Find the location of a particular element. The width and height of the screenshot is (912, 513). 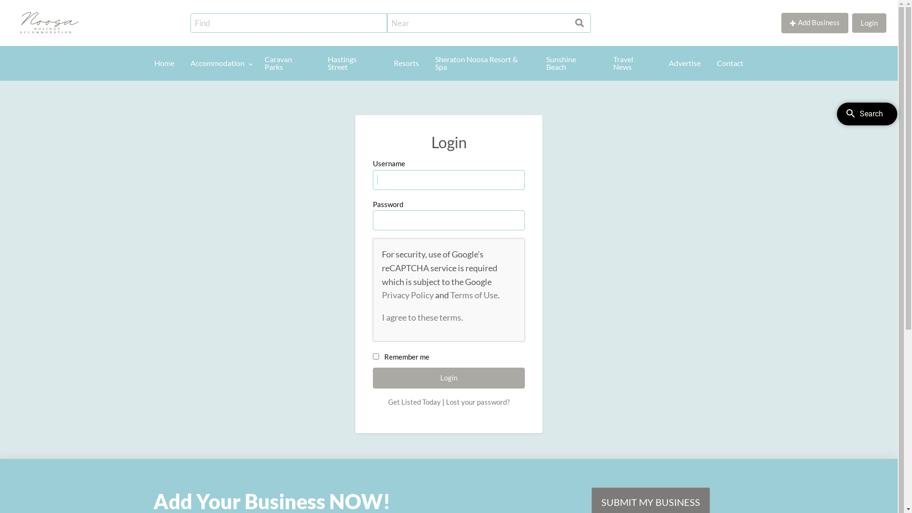

'Add Business' is located at coordinates (814, 22).